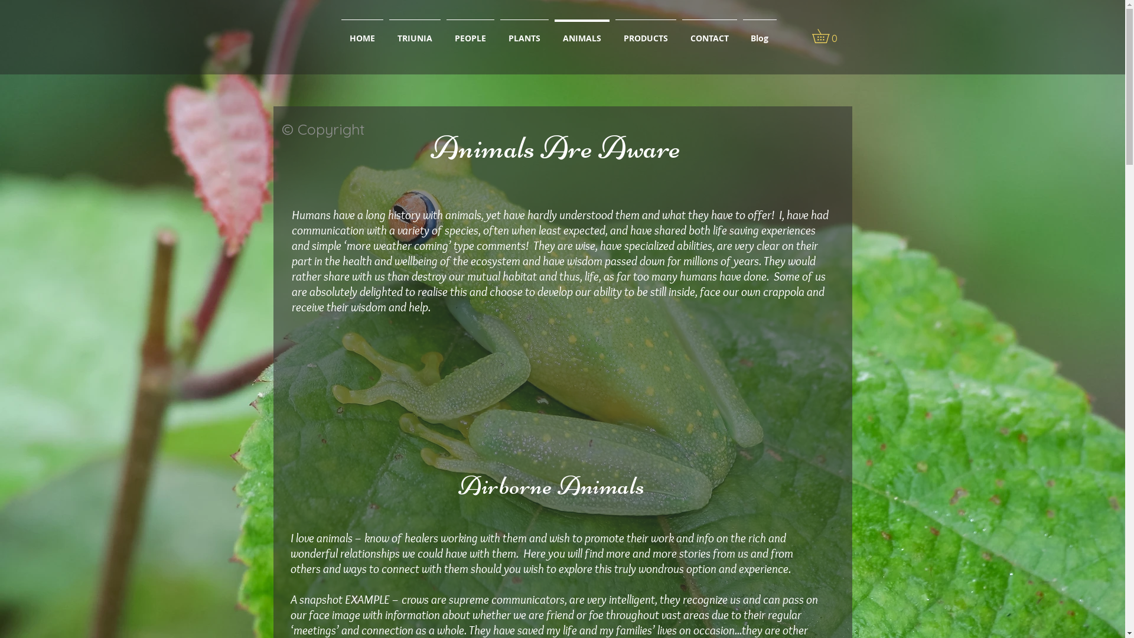 The width and height of the screenshot is (1134, 638). I want to click on 'HOME', so click(361, 32).